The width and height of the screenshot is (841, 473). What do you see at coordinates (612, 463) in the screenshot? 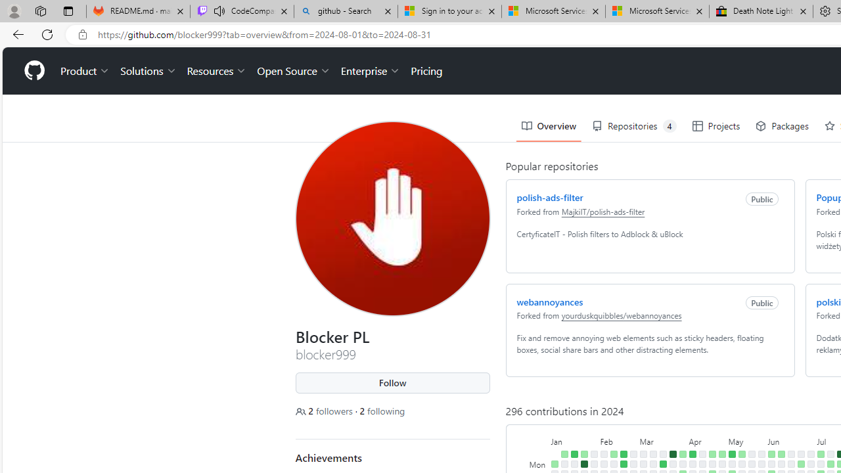
I see `'No contributions on February 12th.'` at bounding box center [612, 463].